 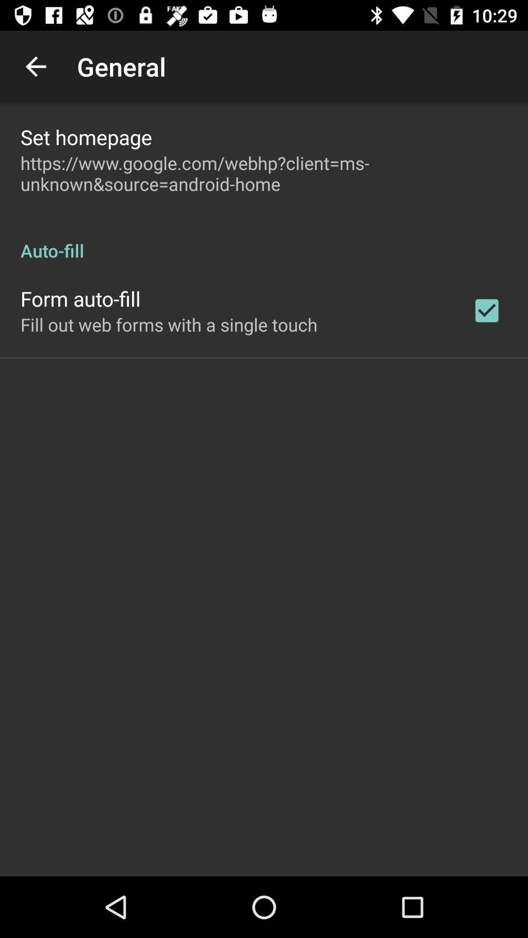 What do you see at coordinates (264, 173) in the screenshot?
I see `app below set homepage icon` at bounding box center [264, 173].